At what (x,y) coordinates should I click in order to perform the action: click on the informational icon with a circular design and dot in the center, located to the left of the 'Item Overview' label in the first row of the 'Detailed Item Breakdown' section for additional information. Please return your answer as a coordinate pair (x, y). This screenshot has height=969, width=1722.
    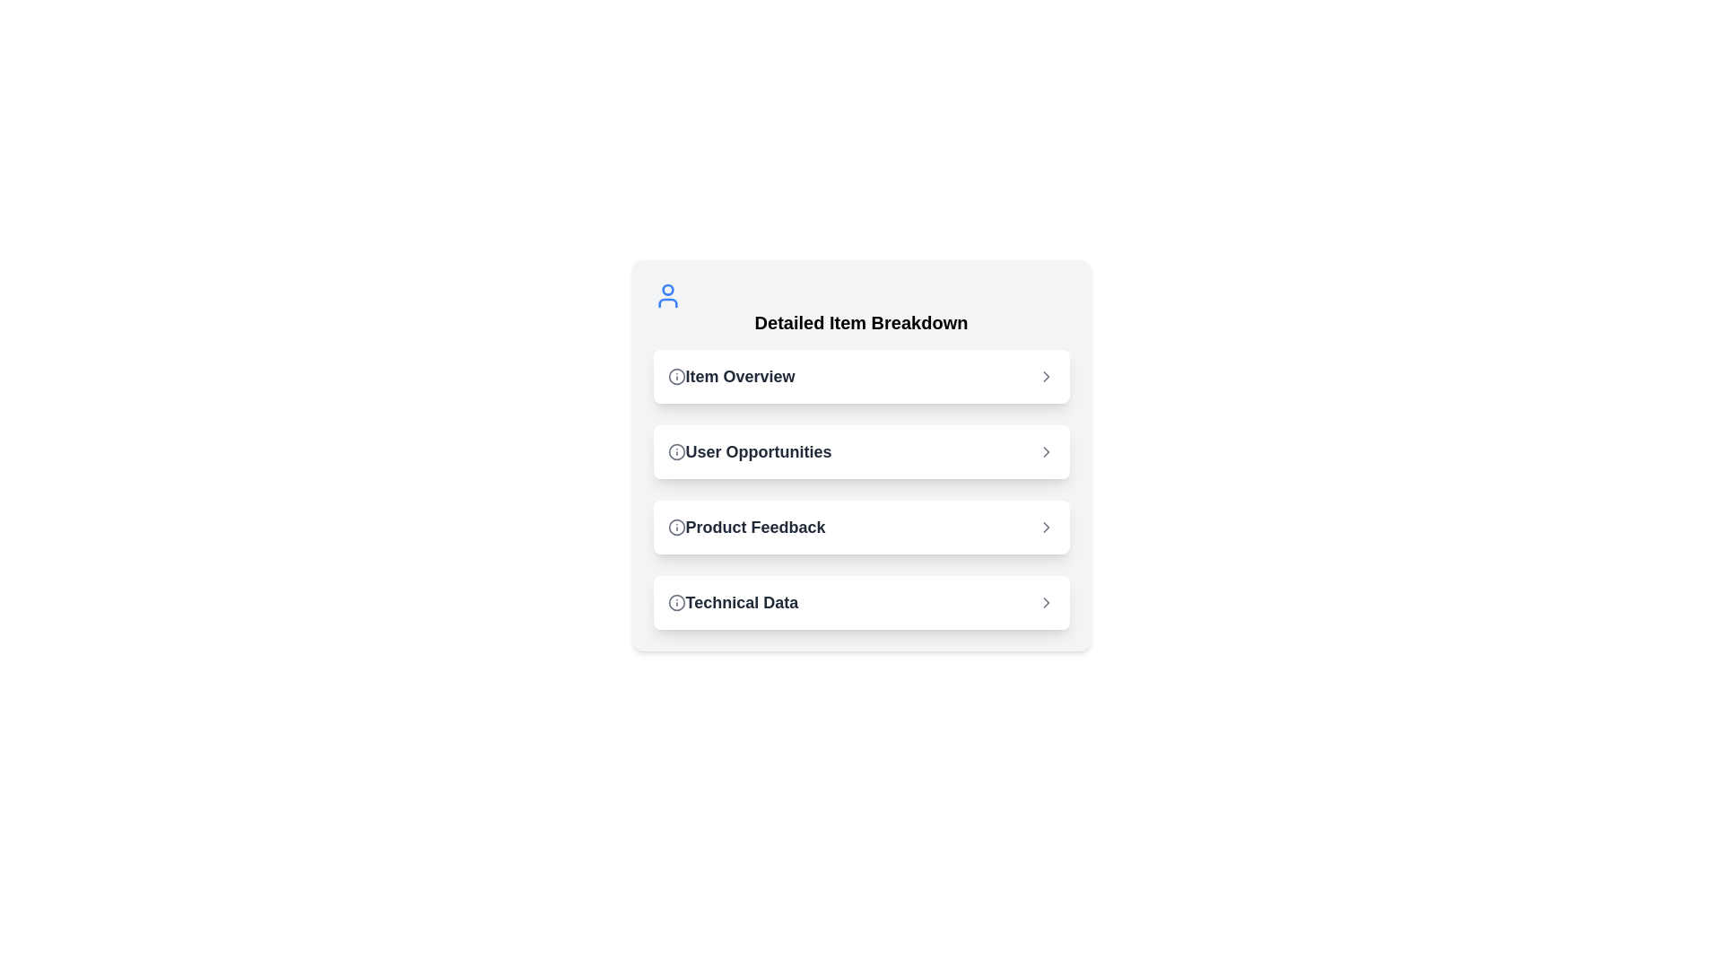
    Looking at the image, I should click on (675, 376).